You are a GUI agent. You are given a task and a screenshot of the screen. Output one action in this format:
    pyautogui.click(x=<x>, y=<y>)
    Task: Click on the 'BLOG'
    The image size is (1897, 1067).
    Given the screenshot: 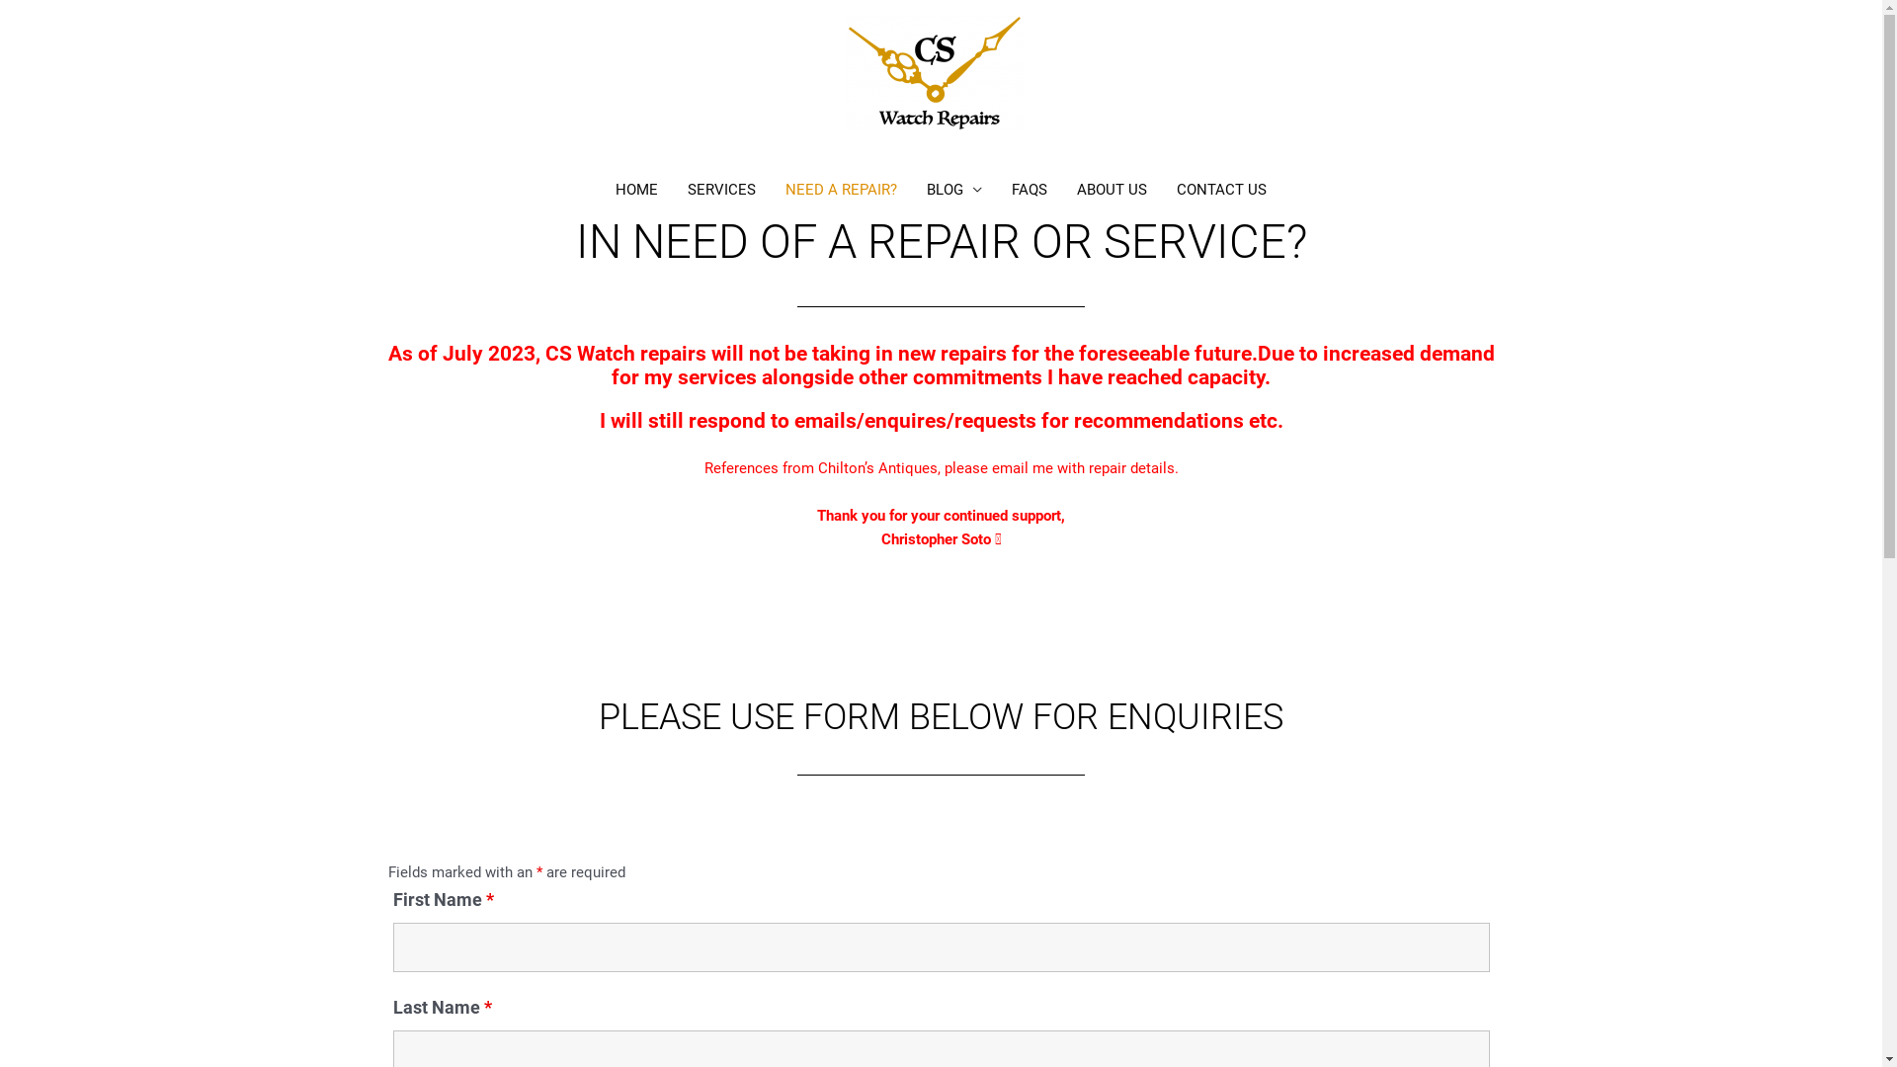 What is the action you would take?
    pyautogui.click(x=953, y=190)
    